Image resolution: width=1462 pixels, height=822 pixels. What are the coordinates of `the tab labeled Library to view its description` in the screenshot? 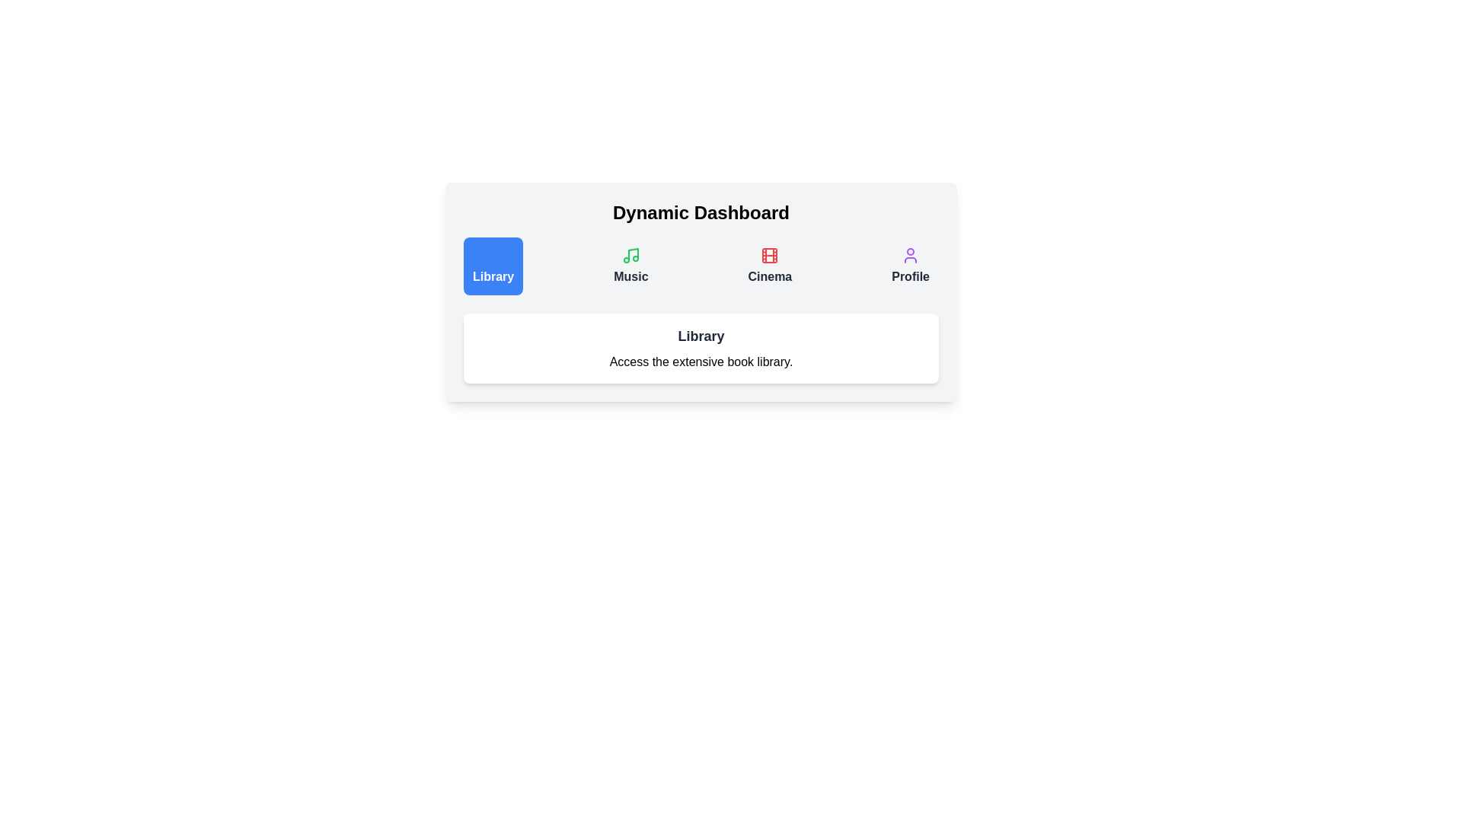 It's located at (493, 266).